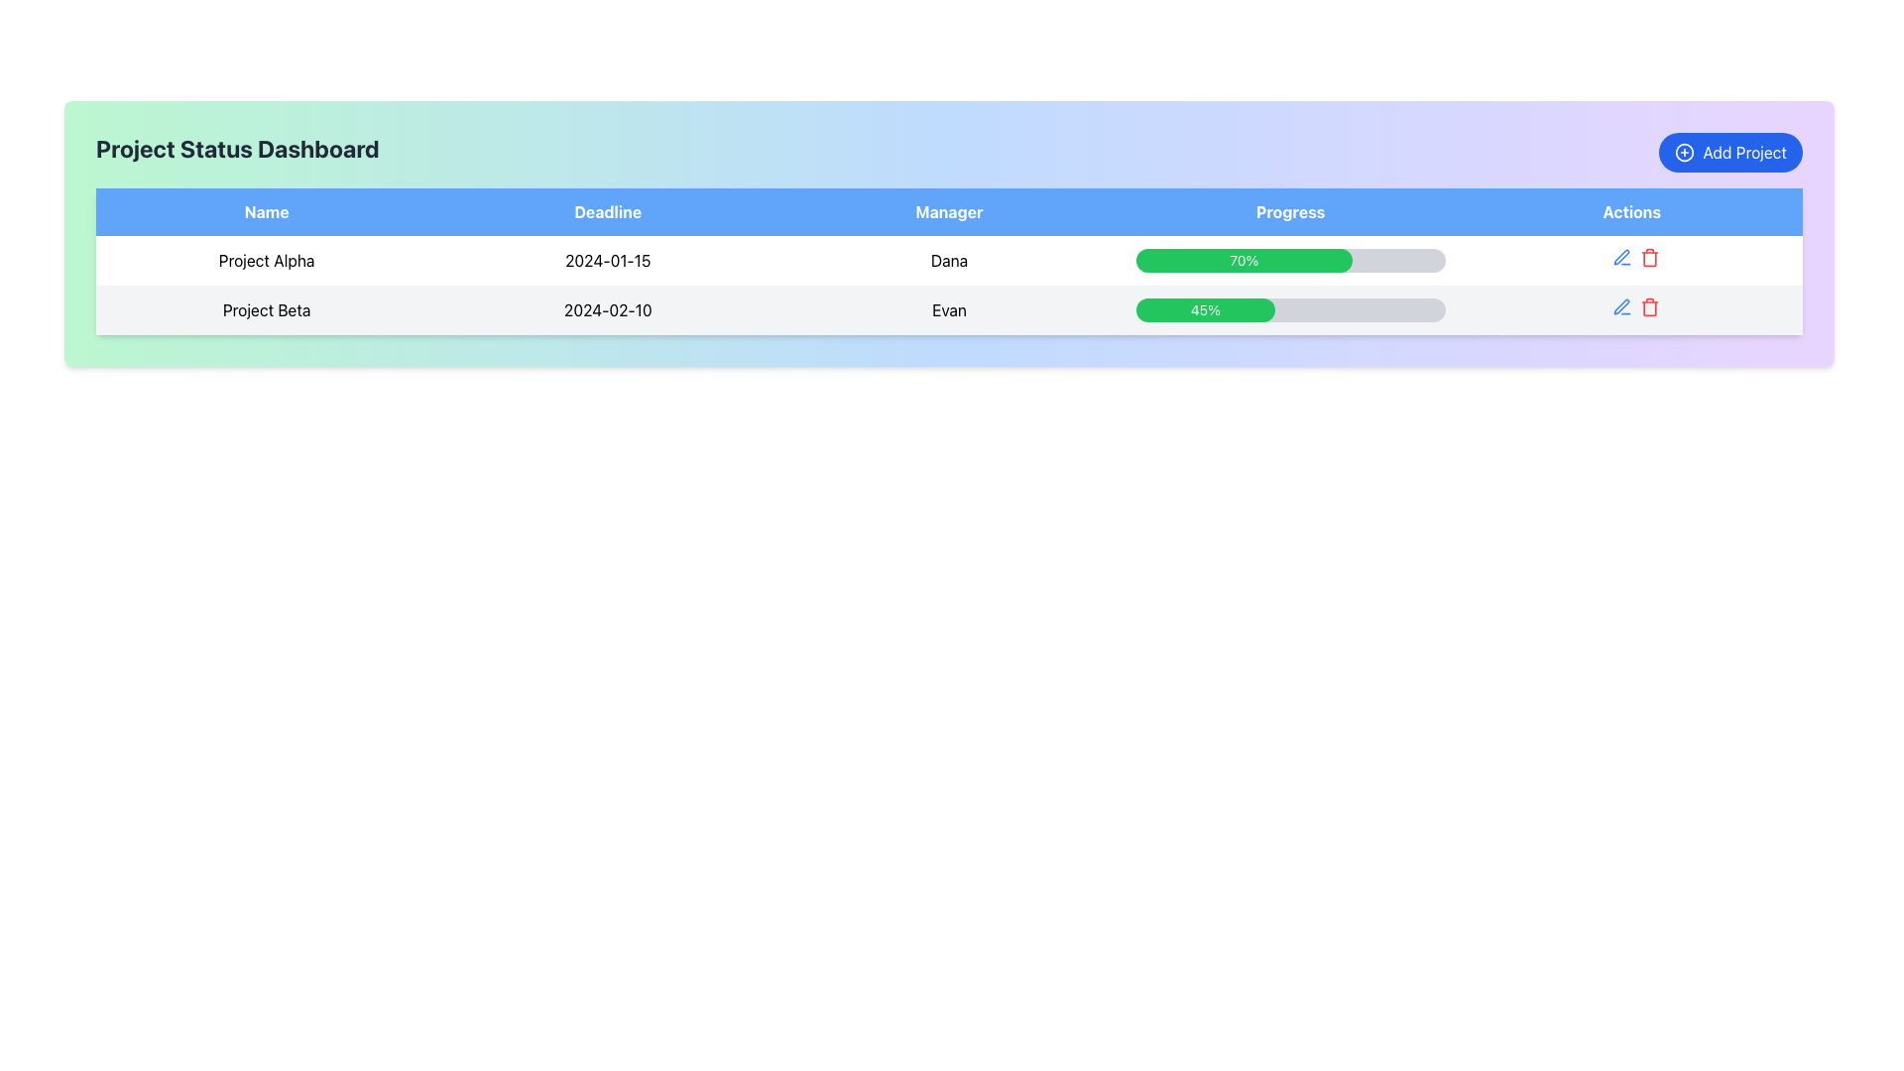  Describe the element at coordinates (1290, 259) in the screenshot. I see `progress value displayed in the Progress Bar located in the first row of the table under the 'Progress' column, which indicates 70% completion` at that location.